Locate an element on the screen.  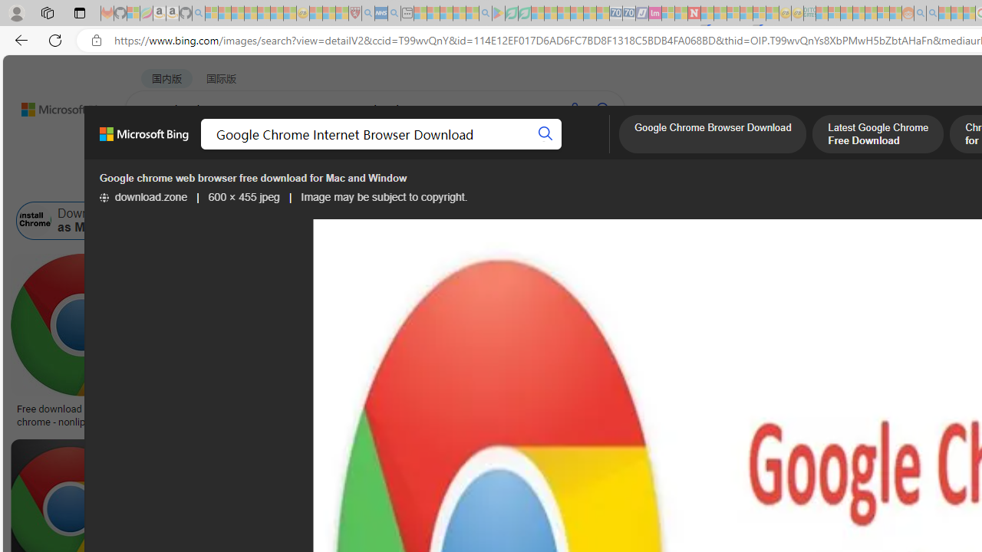
'Date' is located at coordinates (453, 181).